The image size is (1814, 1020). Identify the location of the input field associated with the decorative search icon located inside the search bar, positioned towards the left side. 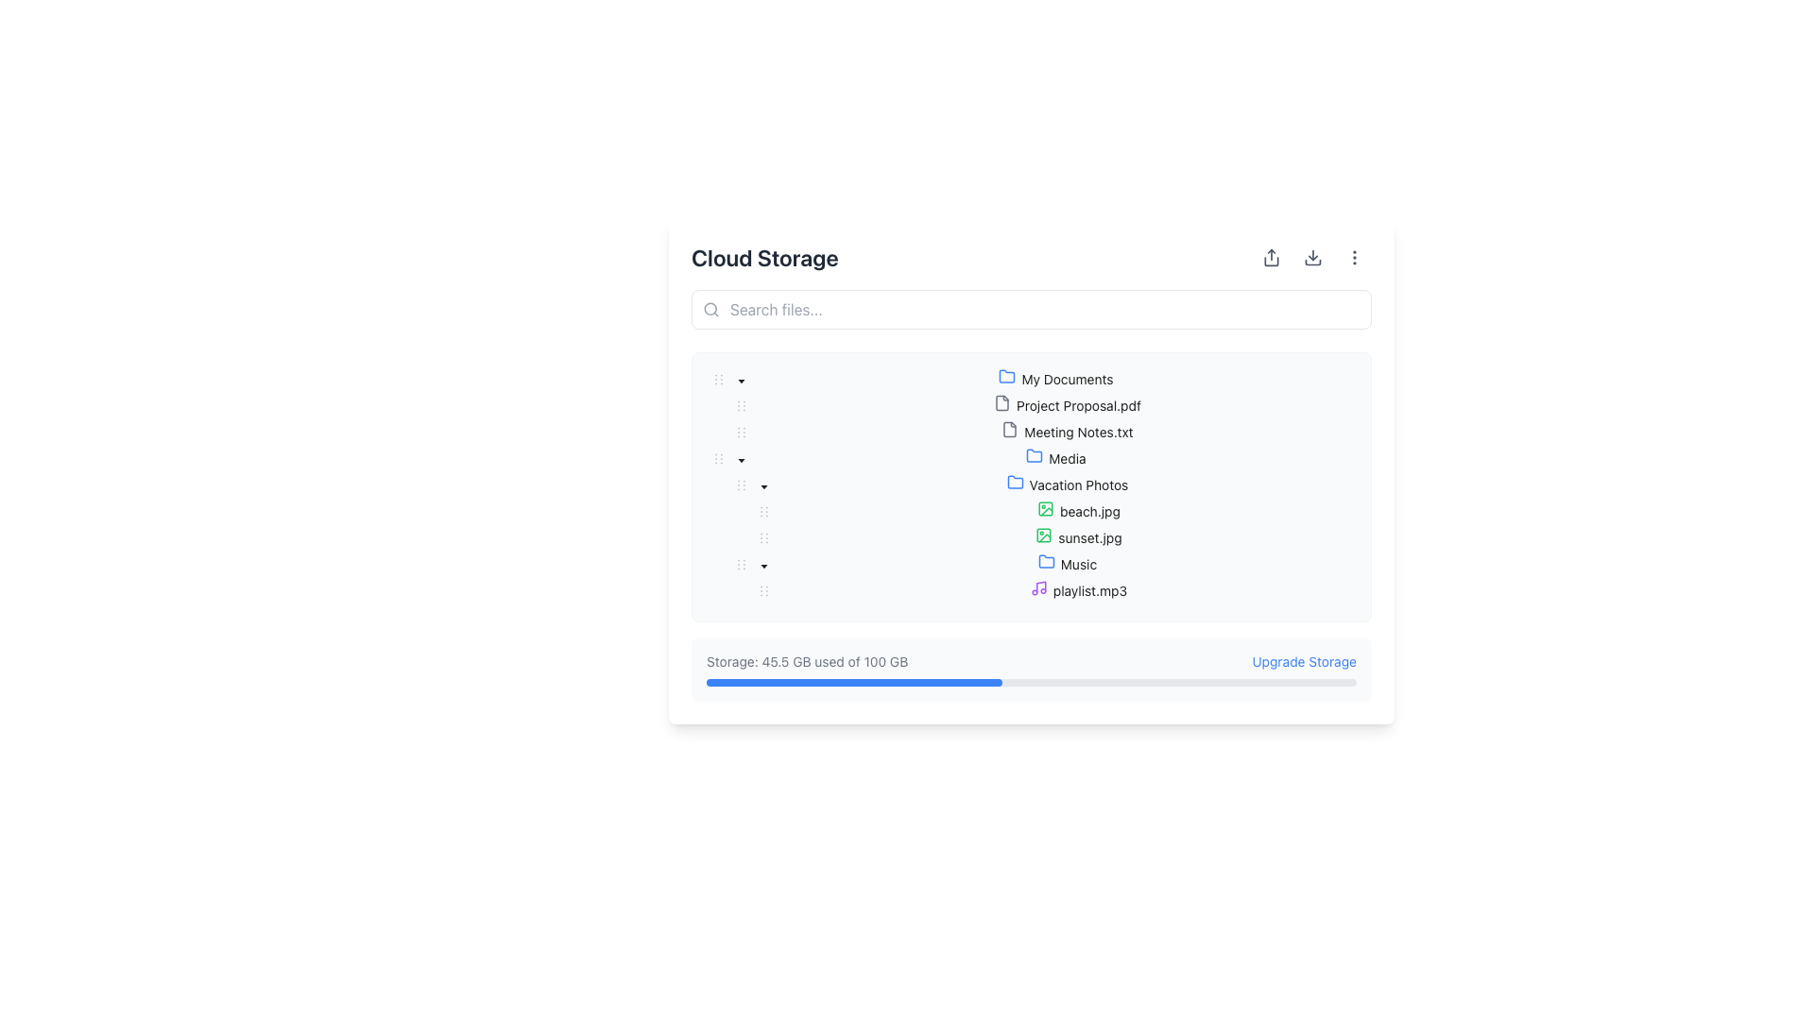
(710, 308).